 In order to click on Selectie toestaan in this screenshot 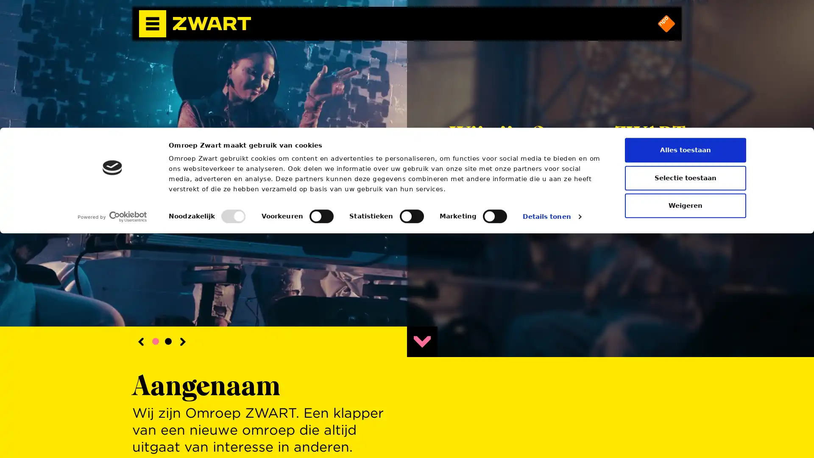, I will do `click(686, 402)`.